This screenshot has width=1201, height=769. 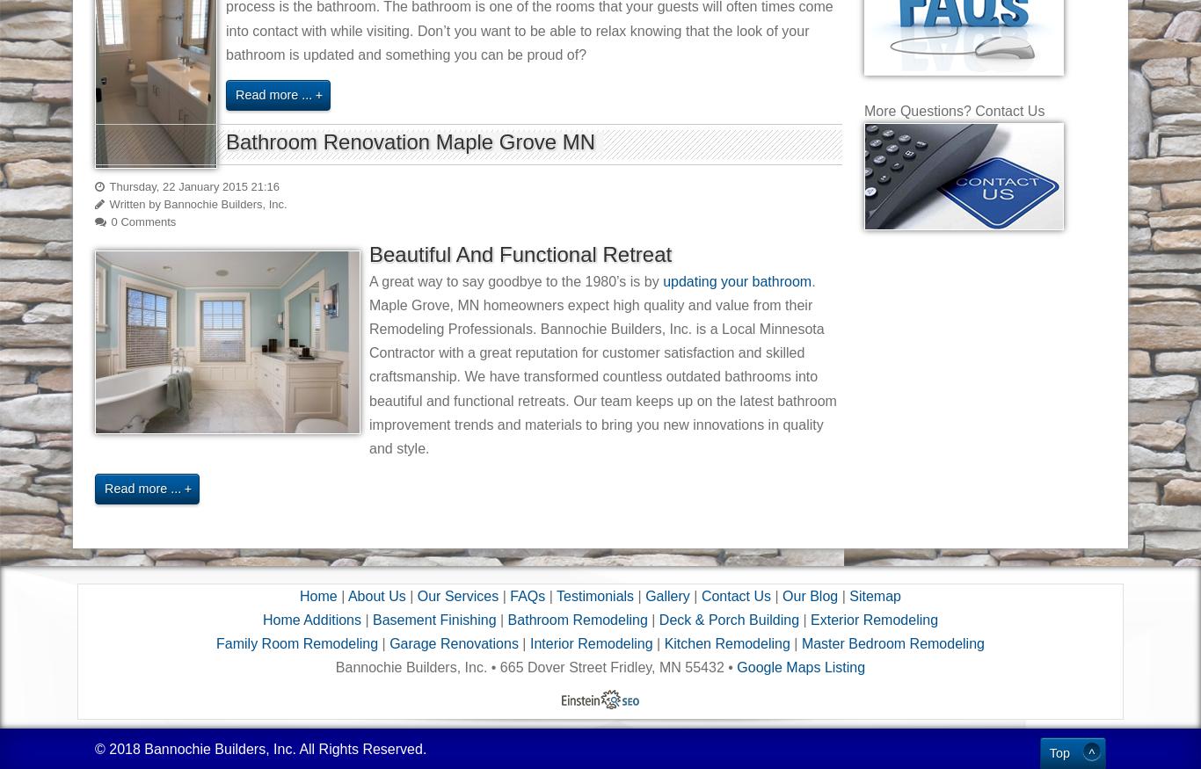 I want to click on 'updating your bathroom', so click(x=736, y=280).